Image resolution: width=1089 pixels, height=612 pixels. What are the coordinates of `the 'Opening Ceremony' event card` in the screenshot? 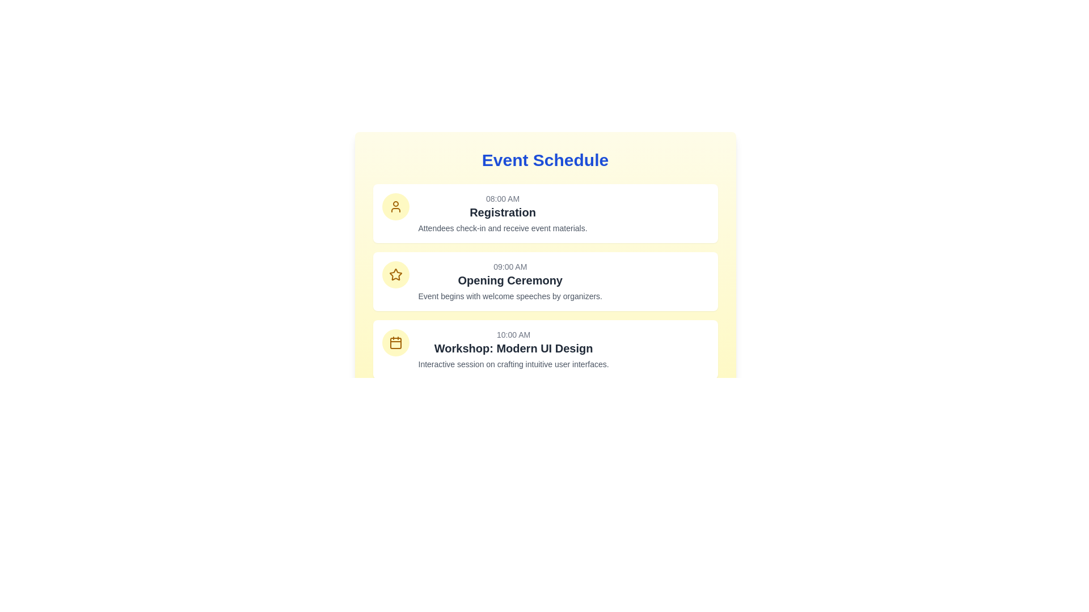 It's located at (545, 281).